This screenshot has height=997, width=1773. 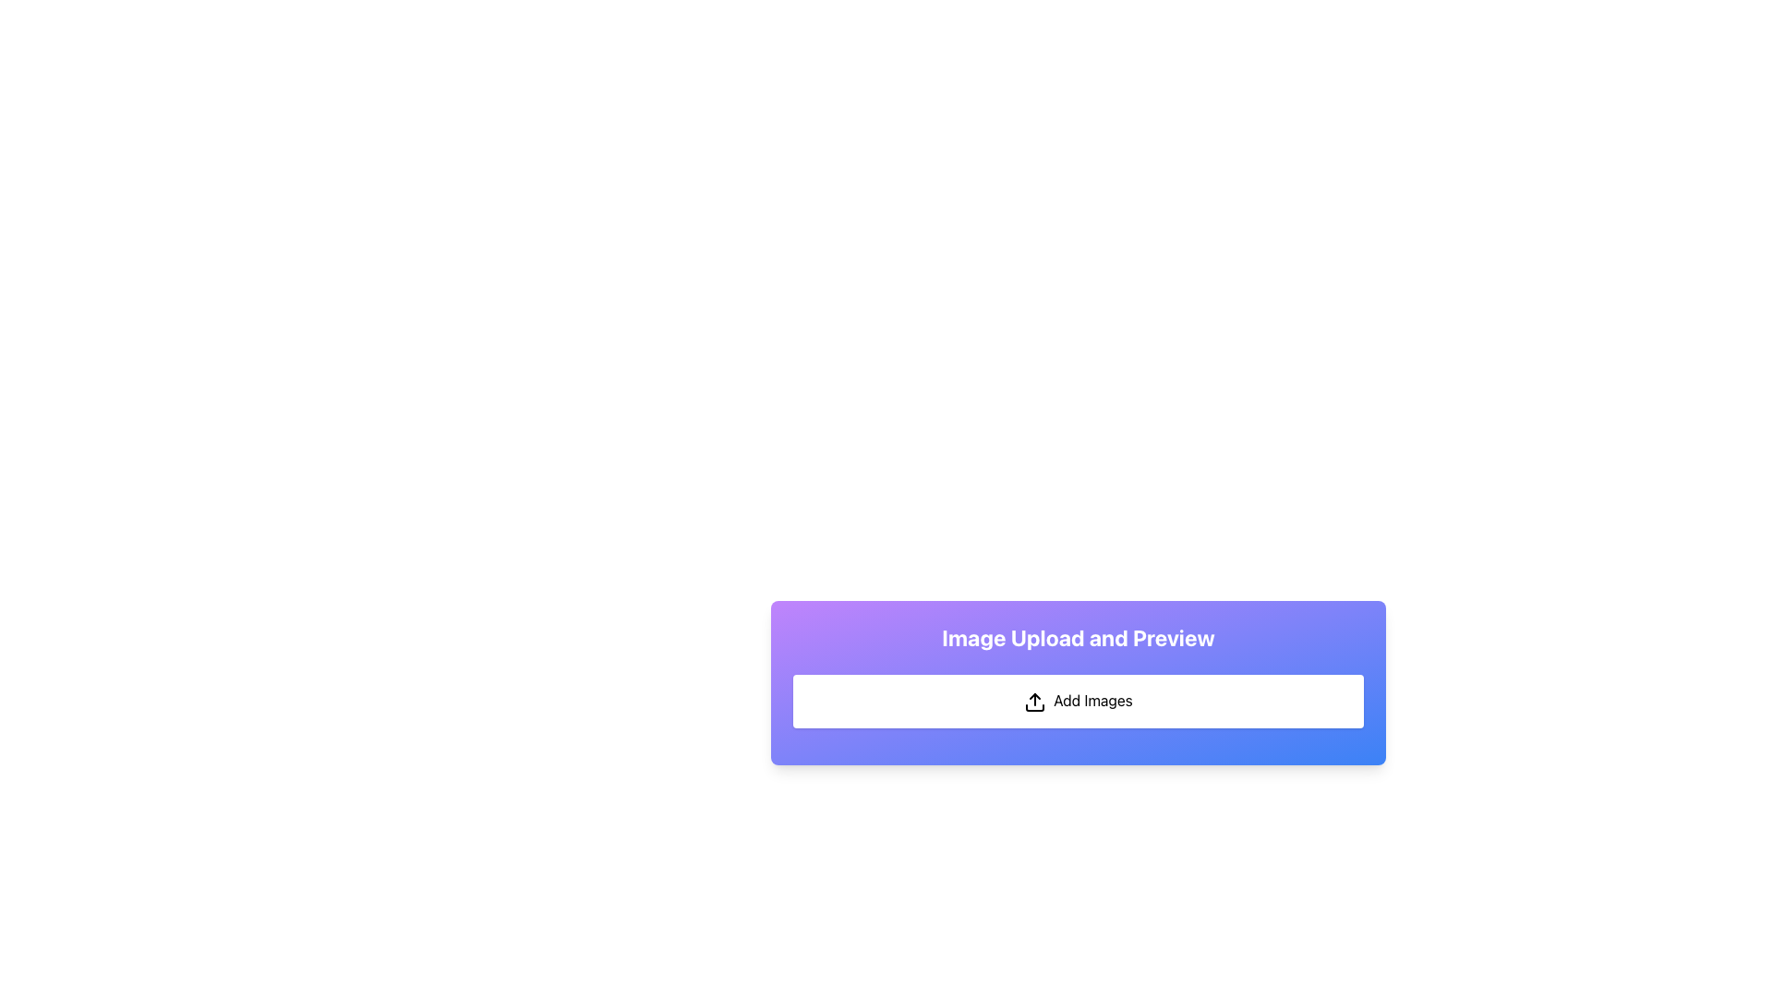 I want to click on the button that initiates the image file upload process, so click(x=1078, y=701).